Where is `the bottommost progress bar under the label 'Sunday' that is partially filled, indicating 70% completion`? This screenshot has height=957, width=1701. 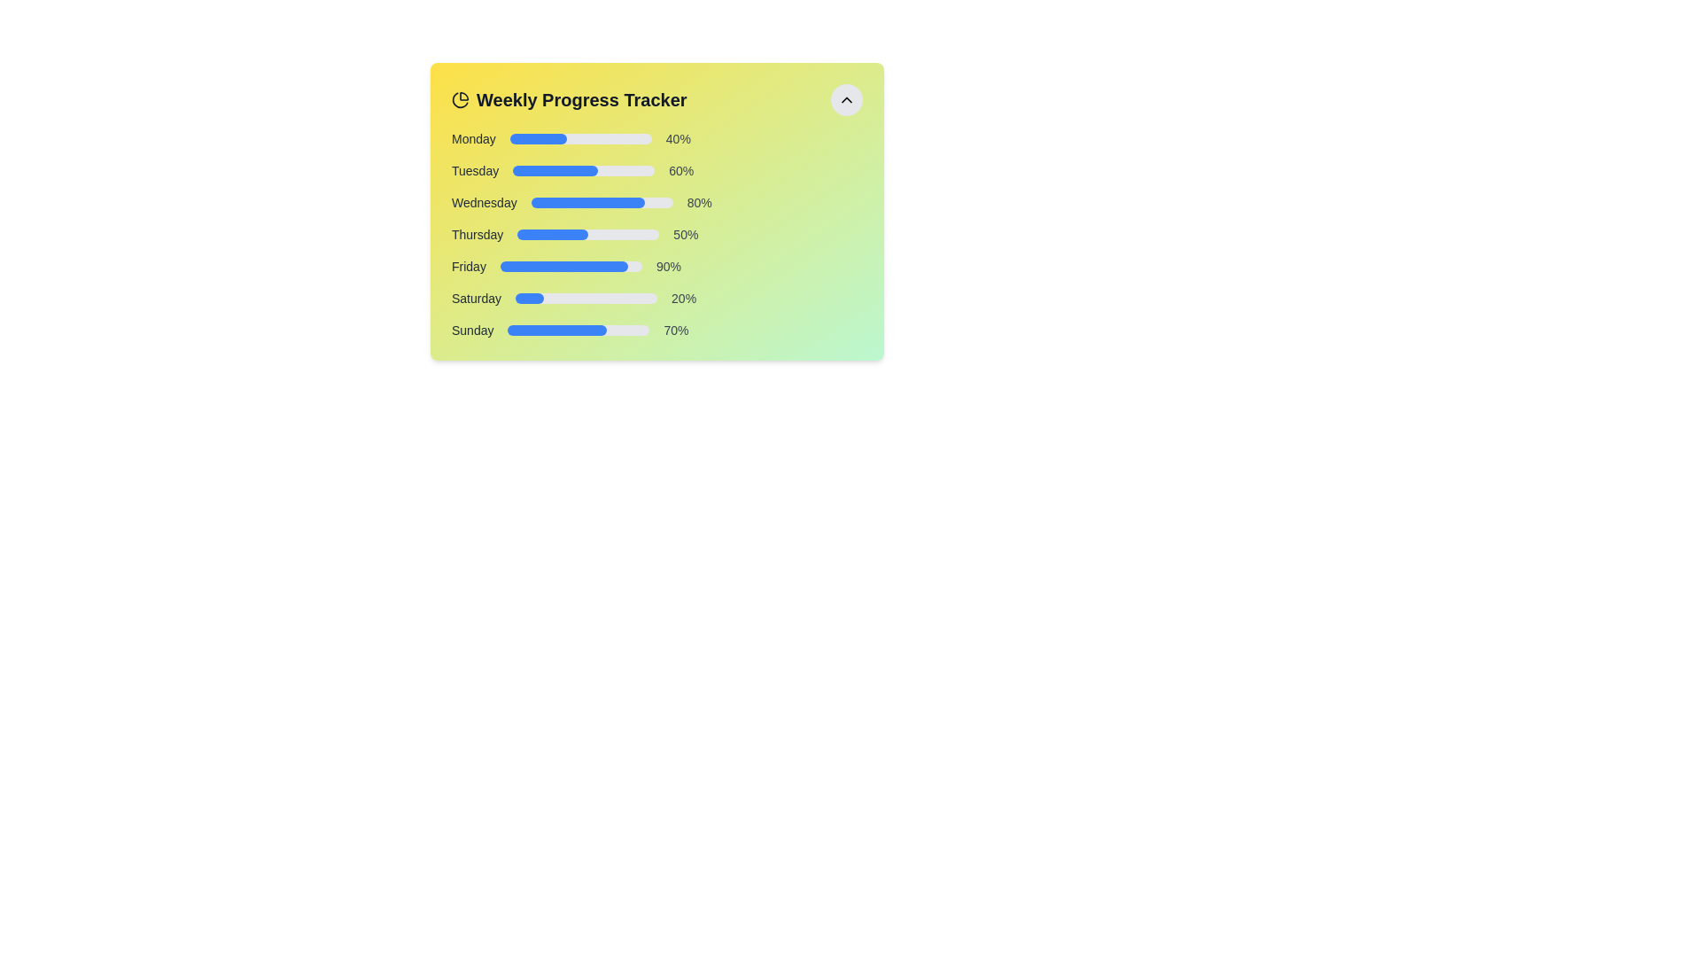
the bottommost progress bar under the label 'Sunday' that is partially filled, indicating 70% completion is located at coordinates (579, 331).